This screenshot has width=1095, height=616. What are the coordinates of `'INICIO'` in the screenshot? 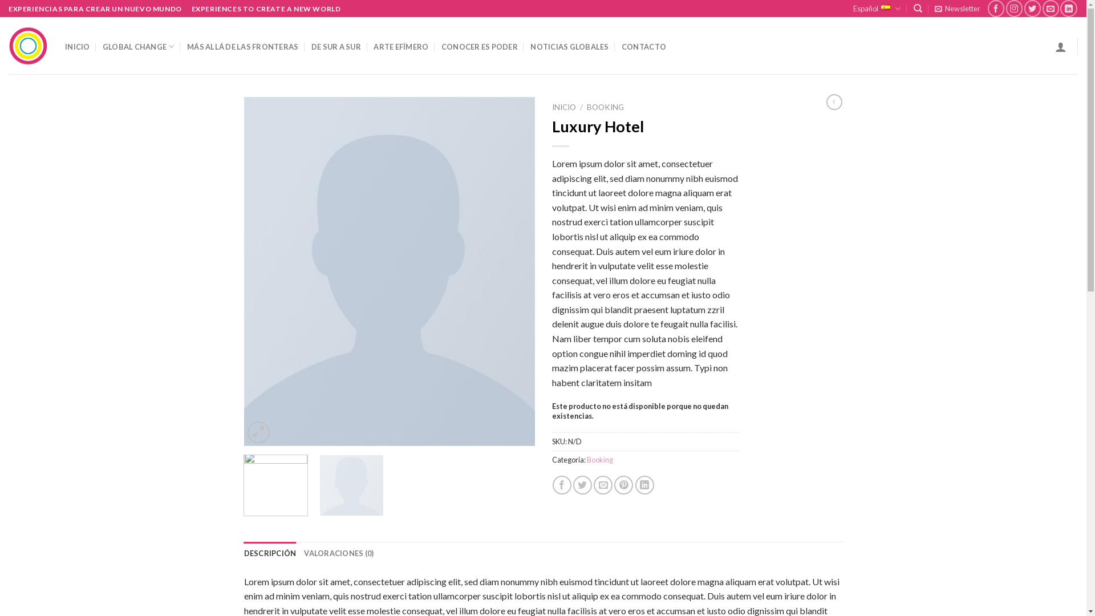 It's located at (76, 46).